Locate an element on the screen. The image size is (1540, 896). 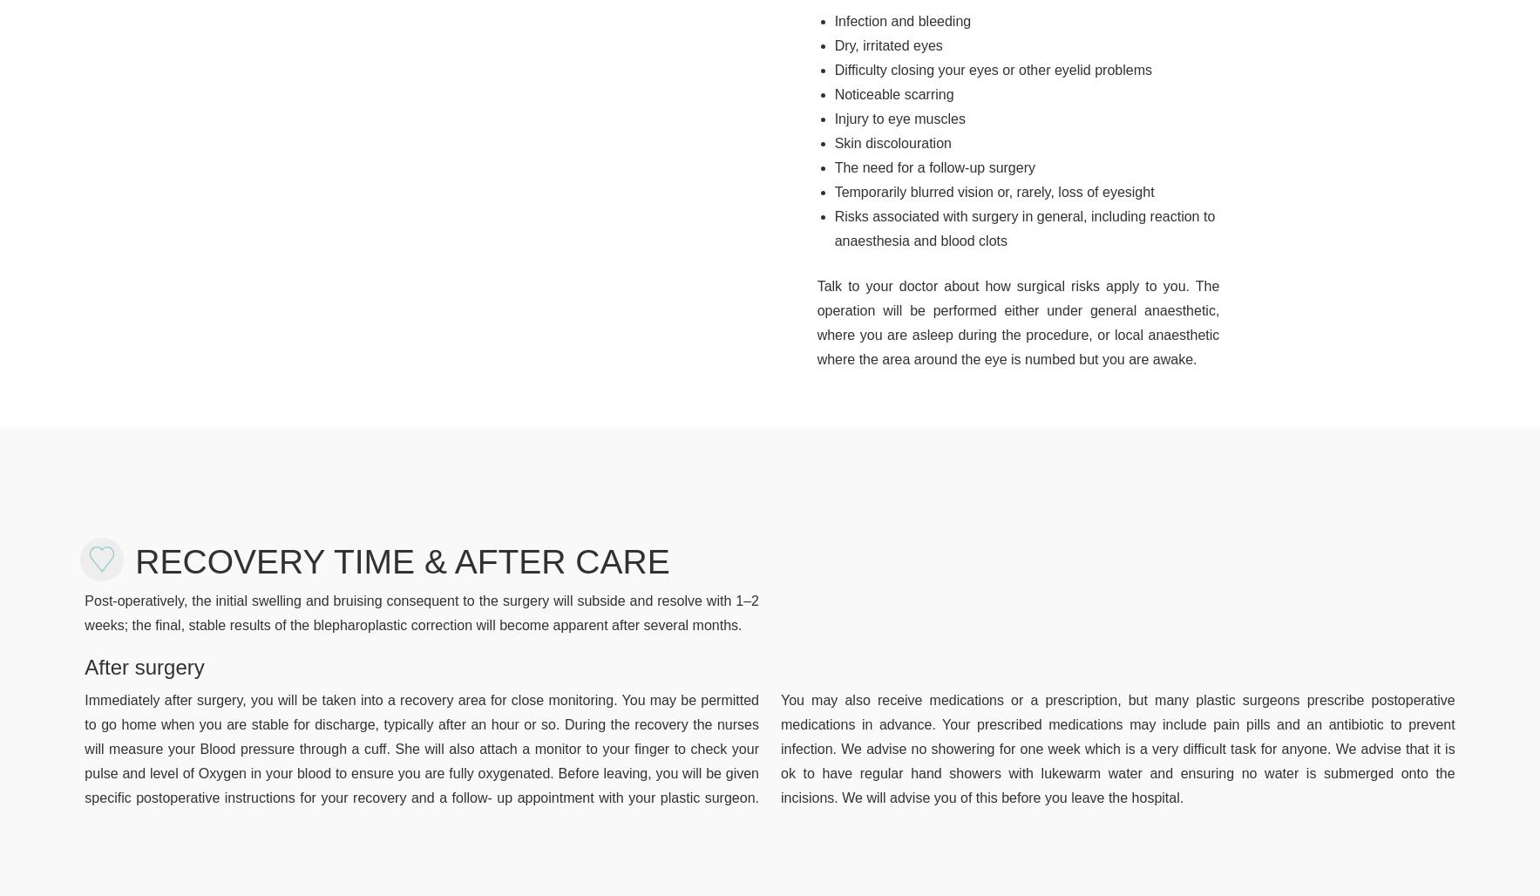
'Difficulty closing your eyes or other eyelid problems' is located at coordinates (993, 68).